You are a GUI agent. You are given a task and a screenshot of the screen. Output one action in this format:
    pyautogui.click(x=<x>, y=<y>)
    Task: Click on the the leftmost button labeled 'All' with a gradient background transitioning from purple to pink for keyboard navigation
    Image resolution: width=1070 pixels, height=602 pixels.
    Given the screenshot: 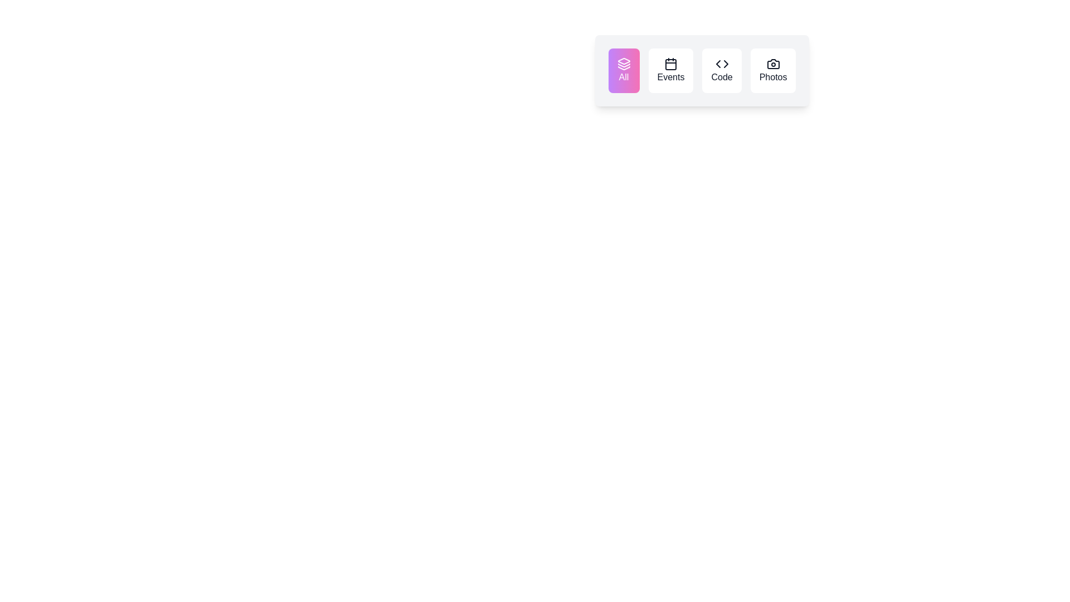 What is the action you would take?
    pyautogui.click(x=623, y=71)
    